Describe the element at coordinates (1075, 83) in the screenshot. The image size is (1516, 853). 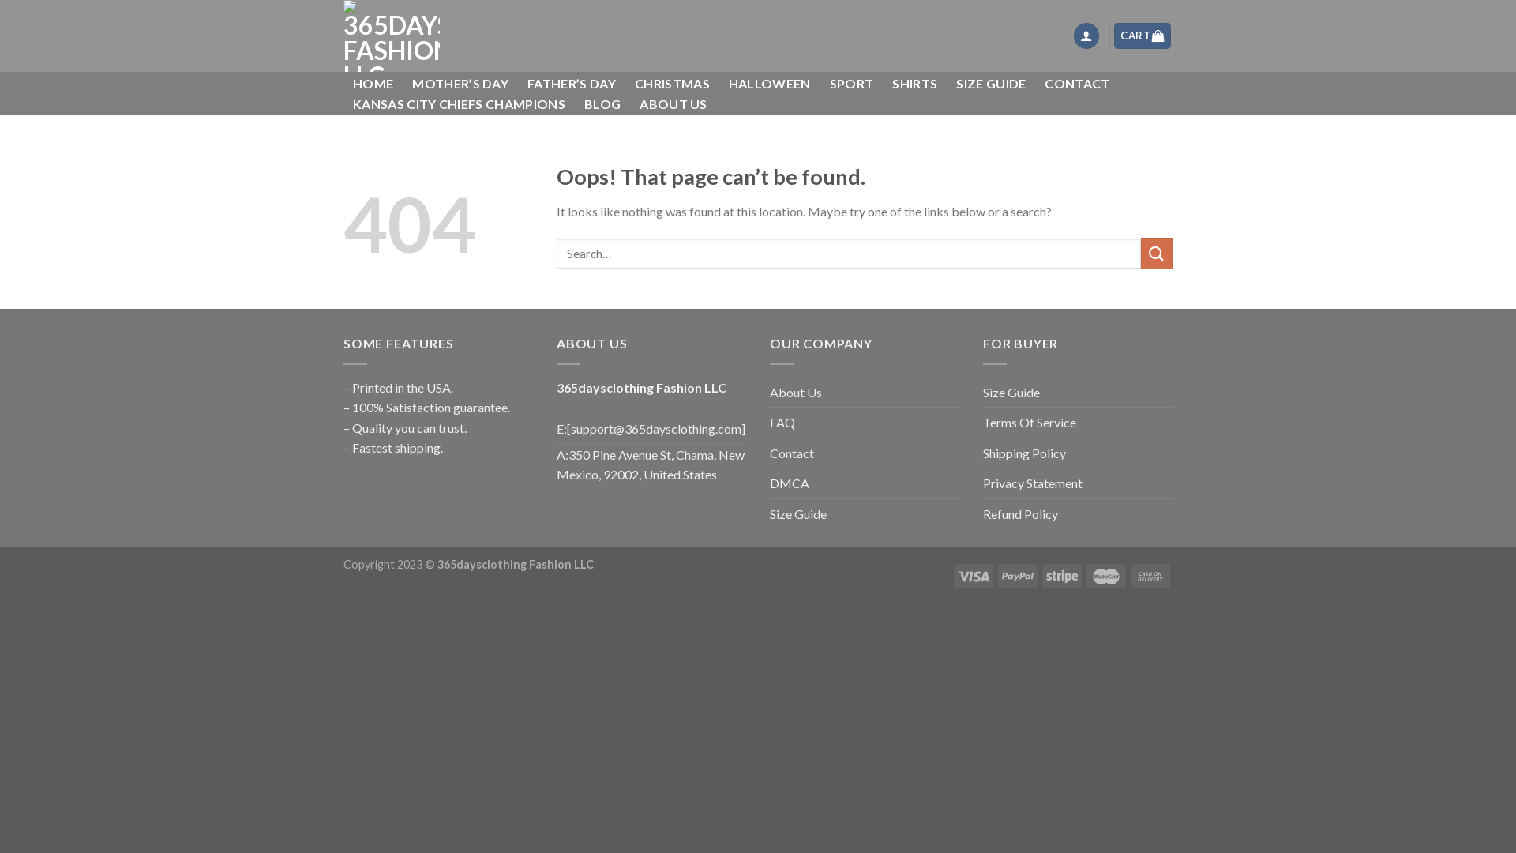
I see `'CONTACT'` at that location.